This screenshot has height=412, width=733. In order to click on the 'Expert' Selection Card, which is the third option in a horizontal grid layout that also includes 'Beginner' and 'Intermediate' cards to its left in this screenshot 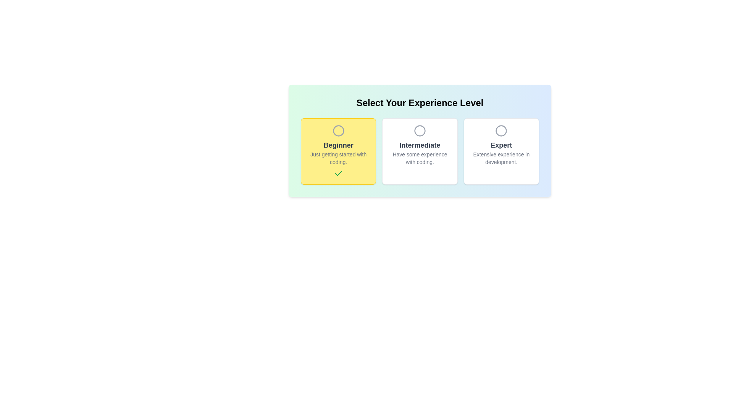, I will do `click(501, 151)`.